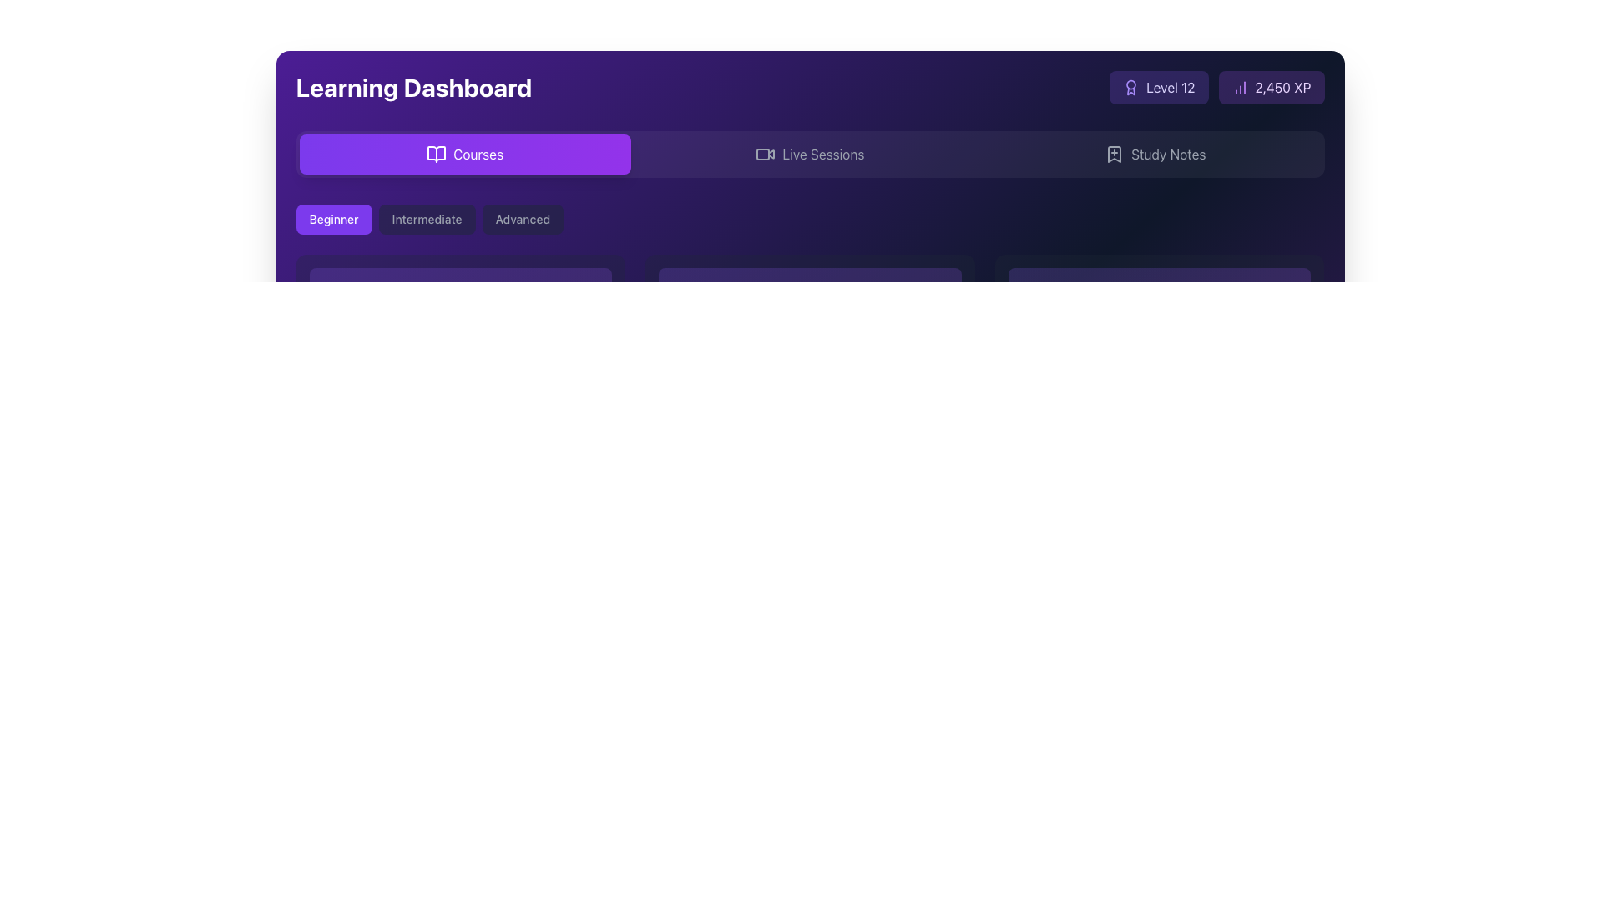 The image size is (1603, 902). I want to click on the user's level badge located at the top-right of the interface, adjacent to the '2,450 XP' badge, so click(1158, 87).